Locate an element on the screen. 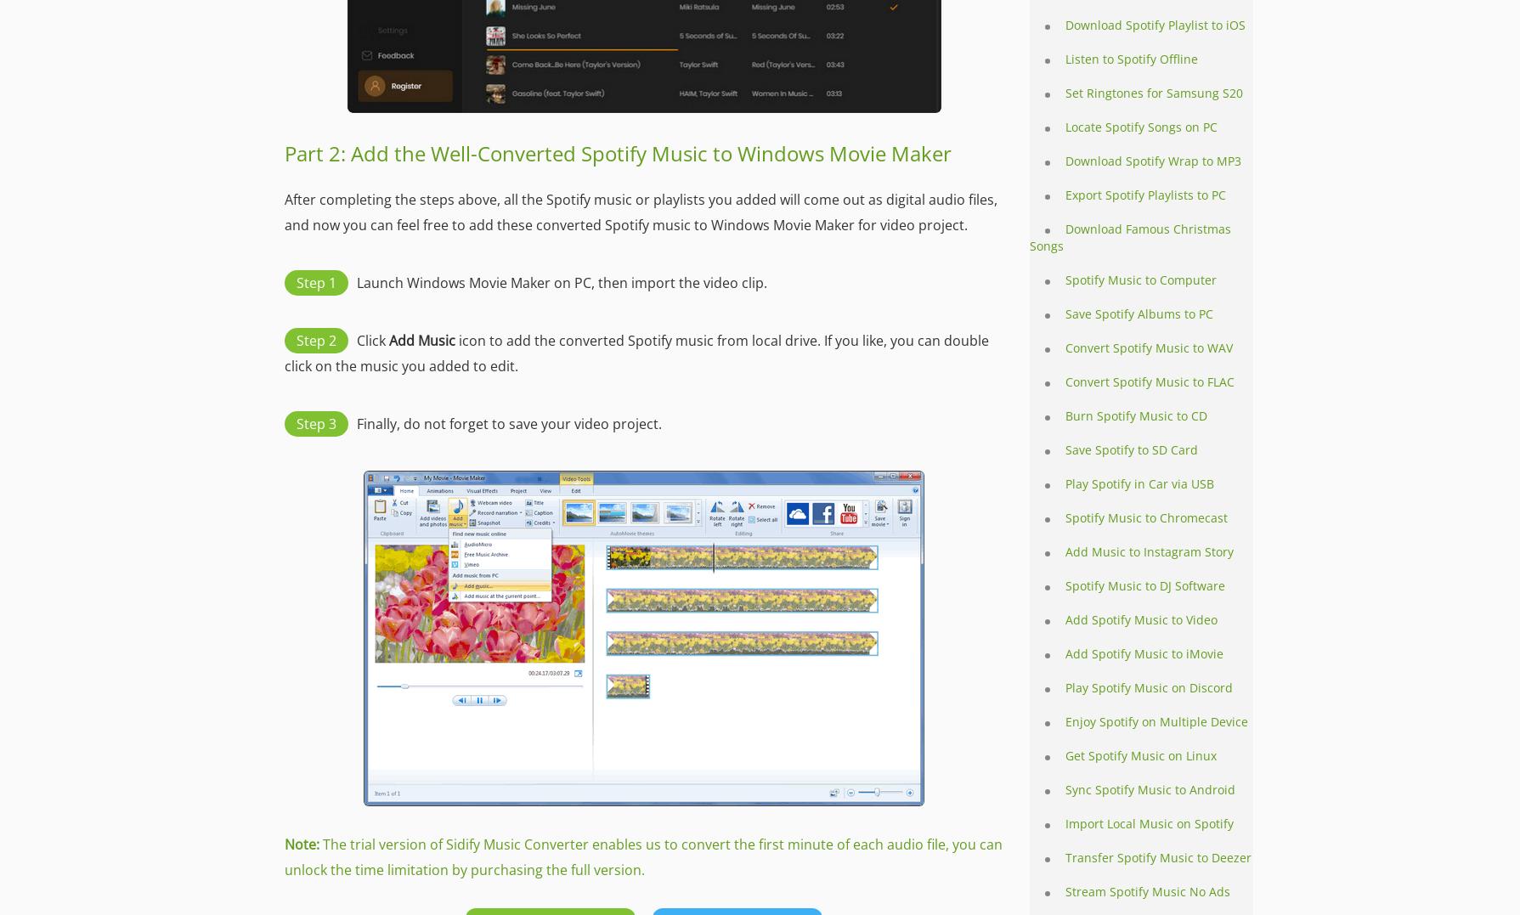 The height and width of the screenshot is (915, 1520). 'Sync Spotify Music to Android' is located at coordinates (1150, 788).